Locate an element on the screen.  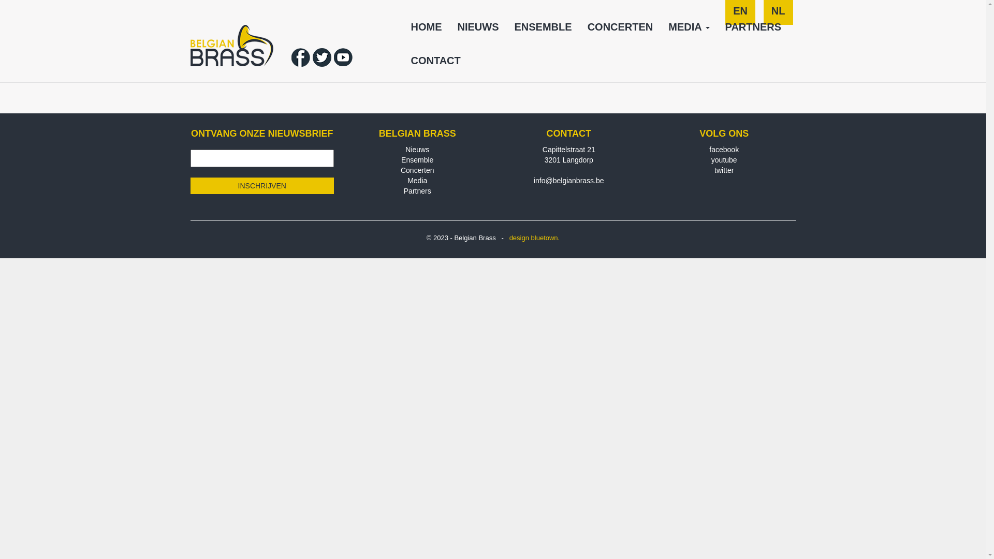
'PARTNERS' is located at coordinates (753, 30).